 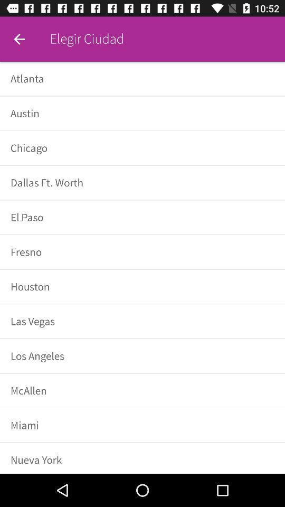 I want to click on go back, so click(x=19, y=39).